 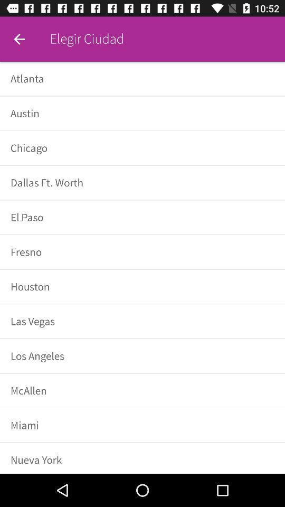 I want to click on go back, so click(x=19, y=39).